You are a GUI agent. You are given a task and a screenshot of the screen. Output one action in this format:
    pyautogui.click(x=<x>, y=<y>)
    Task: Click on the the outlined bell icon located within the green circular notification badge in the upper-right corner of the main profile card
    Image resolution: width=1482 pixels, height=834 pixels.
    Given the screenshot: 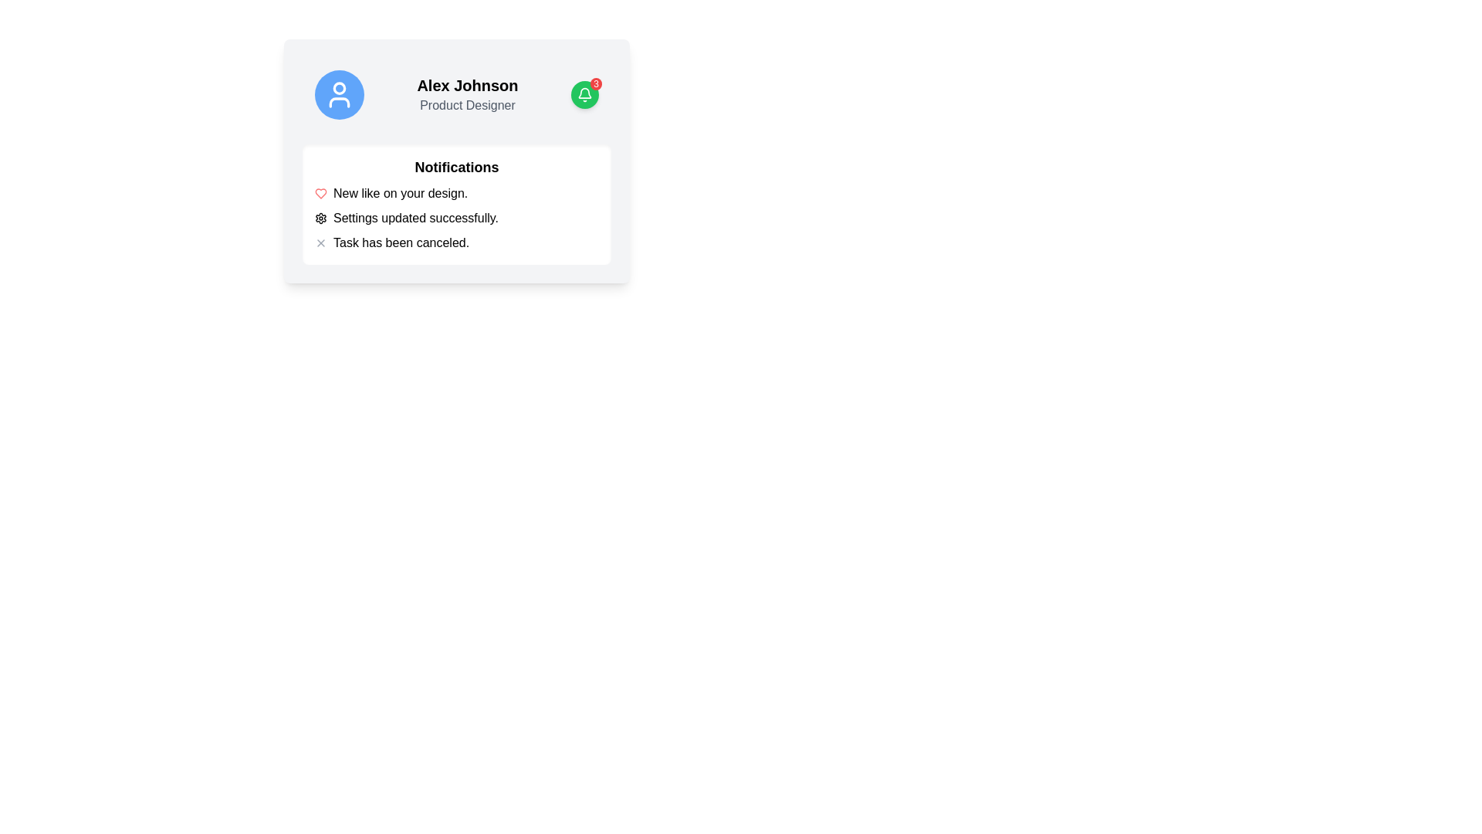 What is the action you would take?
    pyautogui.click(x=584, y=95)
    